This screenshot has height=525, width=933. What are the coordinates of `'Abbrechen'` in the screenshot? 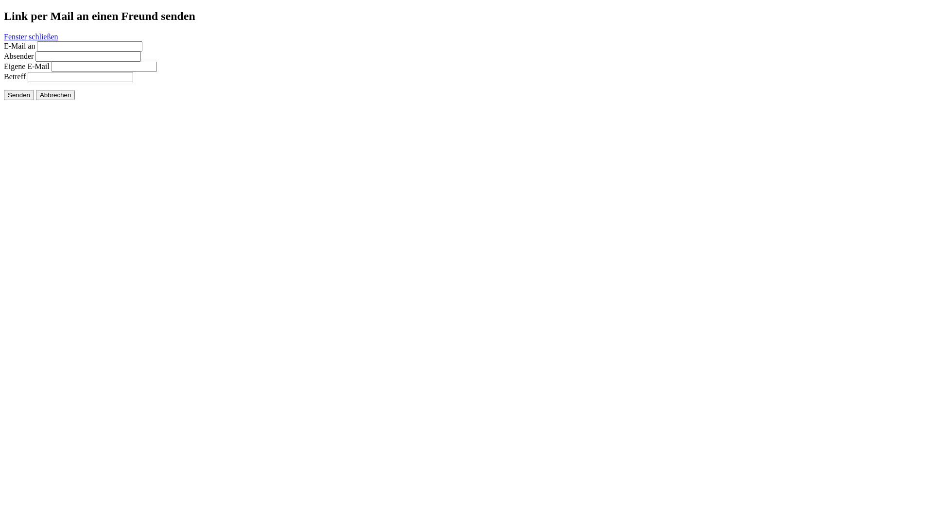 It's located at (35, 95).